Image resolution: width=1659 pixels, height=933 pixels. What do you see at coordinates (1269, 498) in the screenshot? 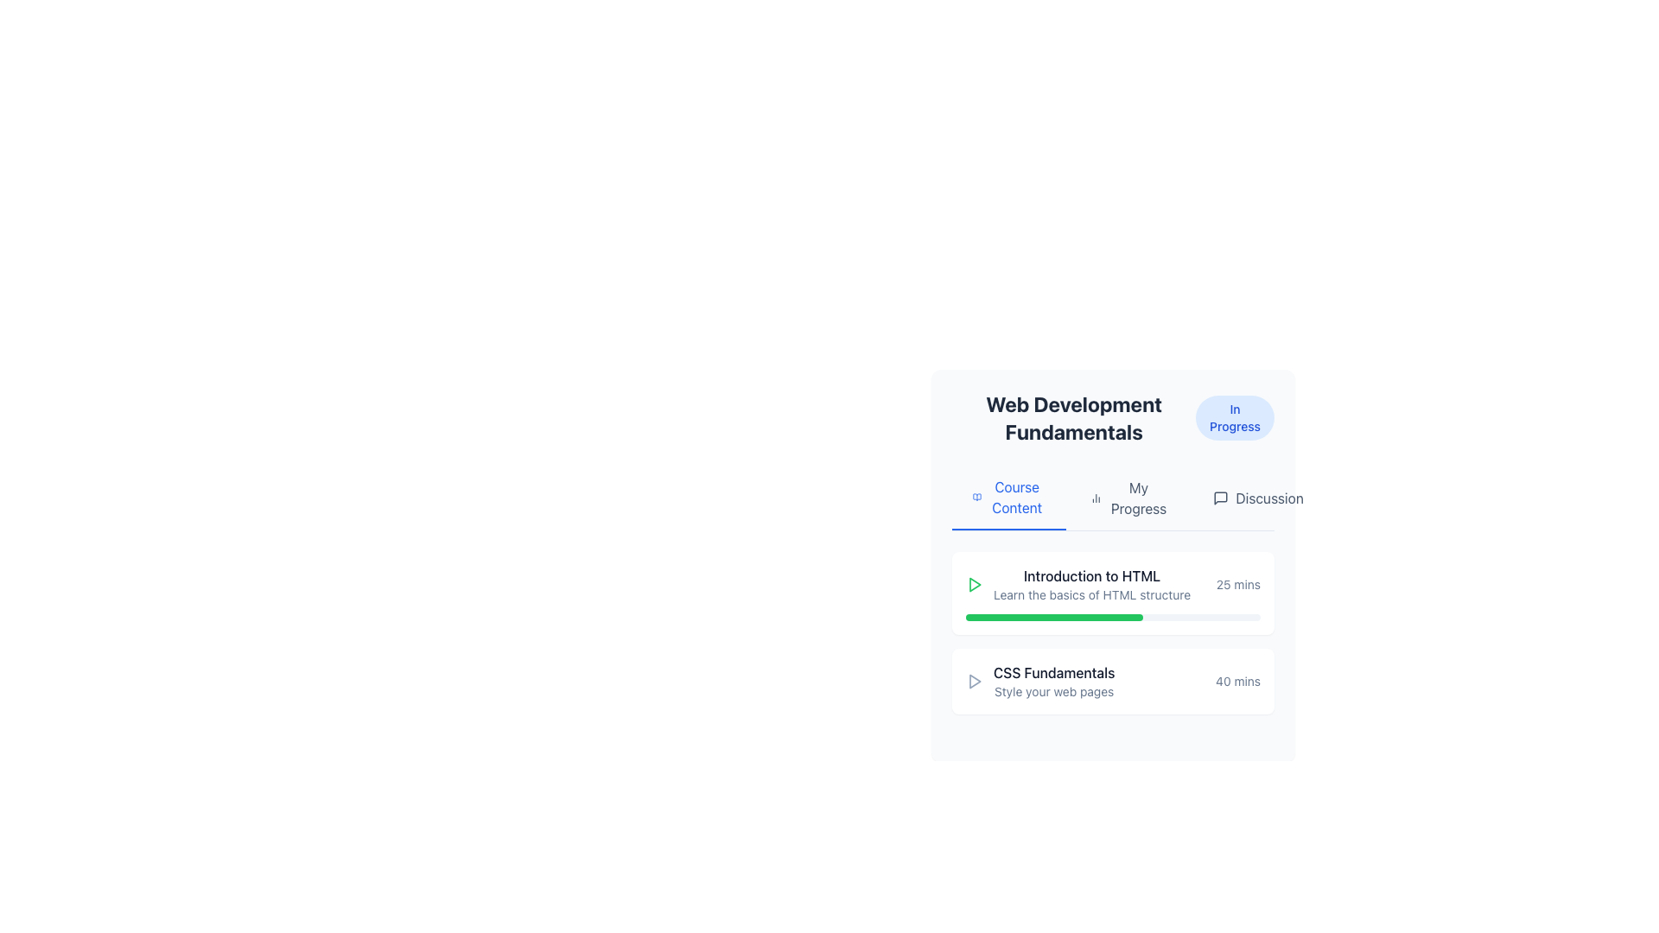
I see `the text label displaying 'Discussion' in the top-right corner of the card` at bounding box center [1269, 498].